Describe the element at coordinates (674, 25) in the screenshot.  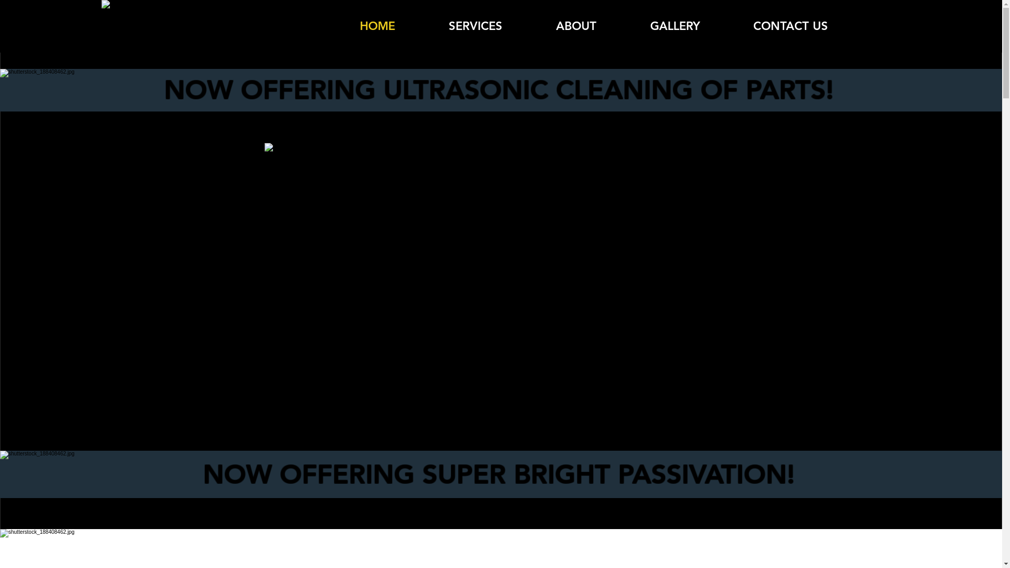
I see `'GALLERY'` at that location.